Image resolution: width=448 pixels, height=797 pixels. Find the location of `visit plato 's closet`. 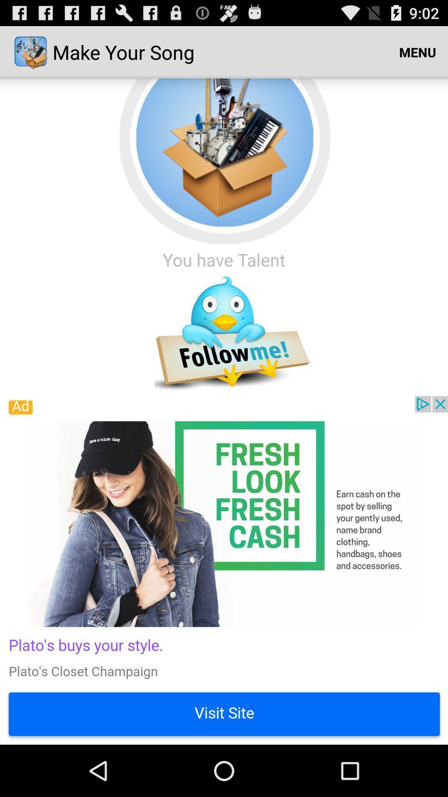

visit plato 's closet is located at coordinates (224, 570).